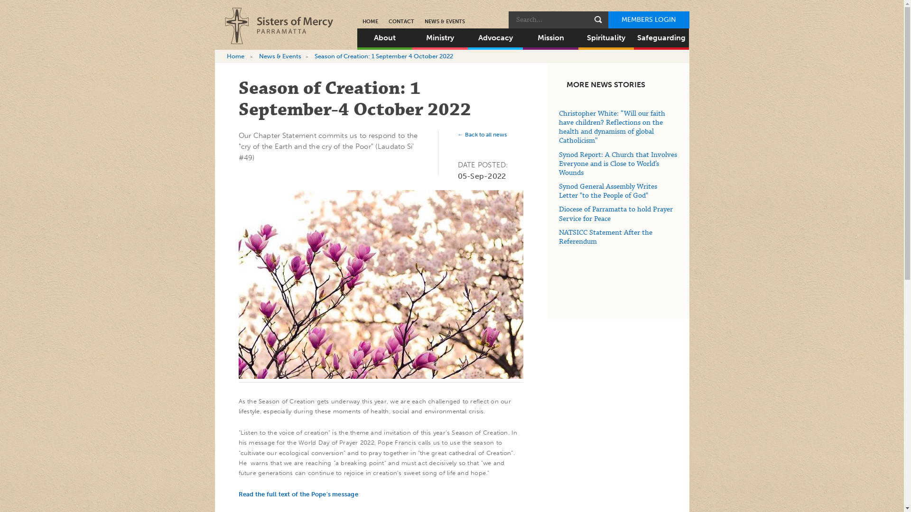  Describe the element at coordinates (279, 56) in the screenshot. I see `'News & Events'` at that location.